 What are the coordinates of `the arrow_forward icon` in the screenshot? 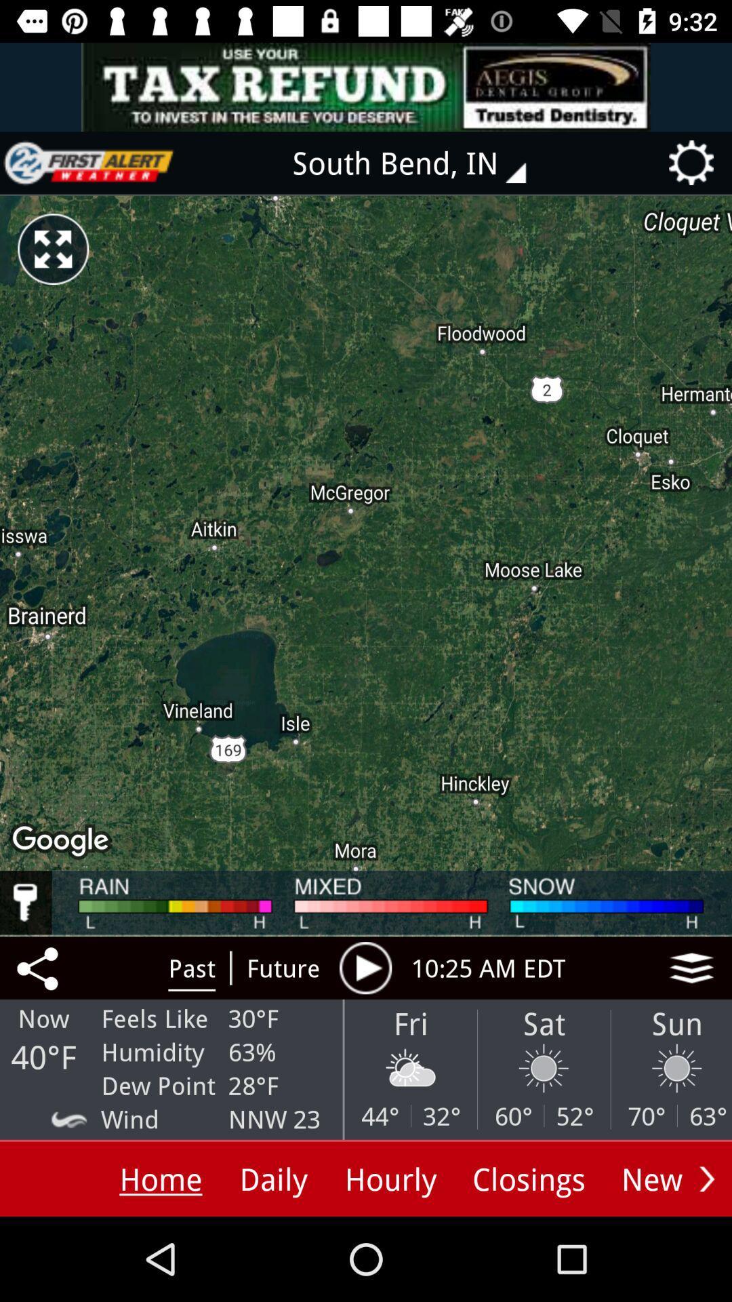 It's located at (706, 1178).